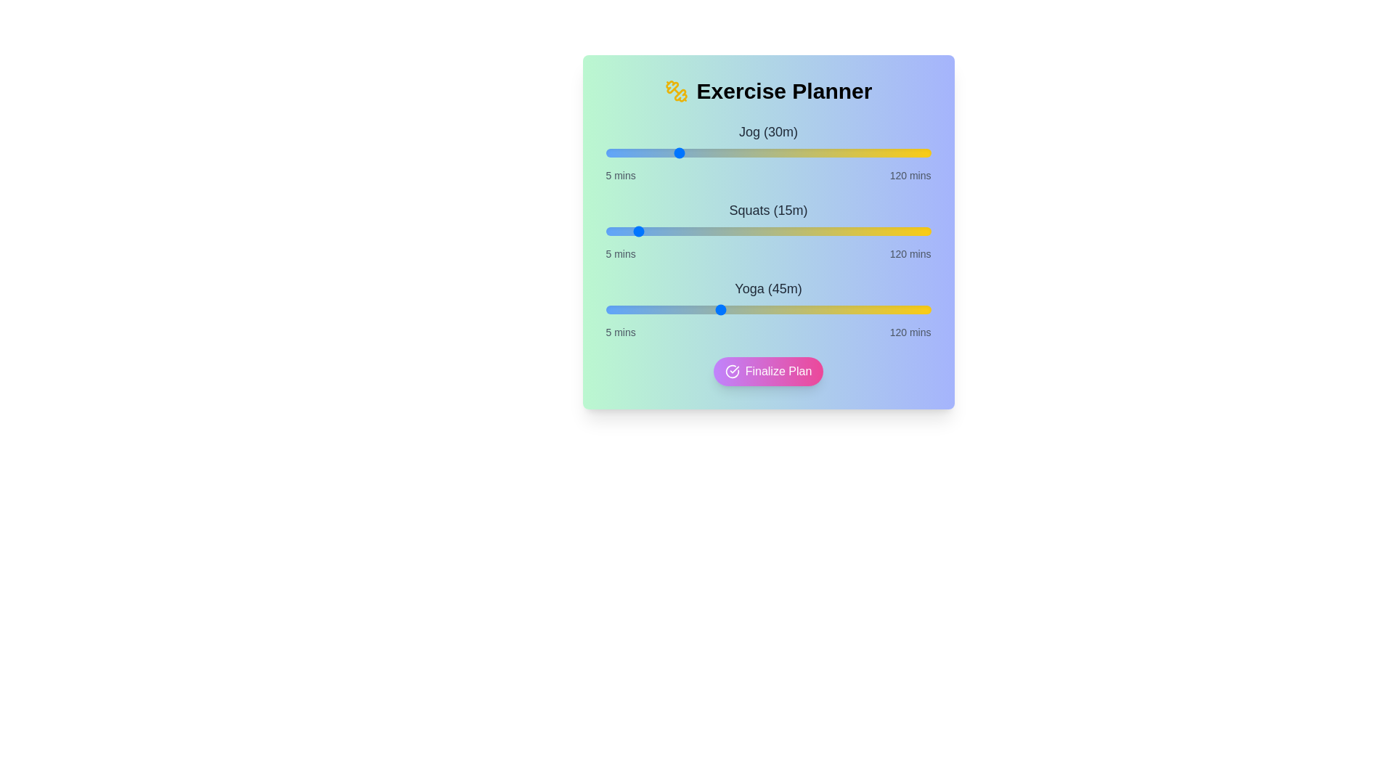  I want to click on the 'Jog' slider to a specific duration 99, so click(871, 153).